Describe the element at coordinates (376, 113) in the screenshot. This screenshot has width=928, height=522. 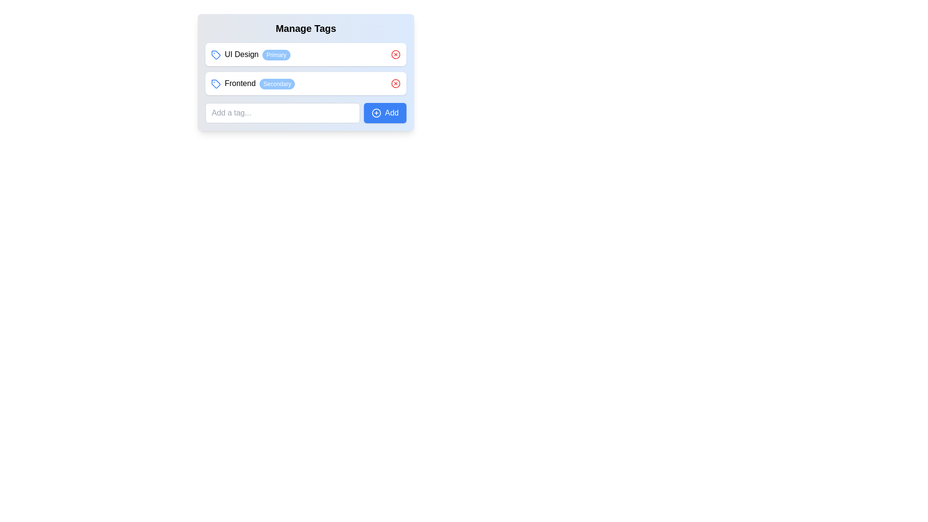
I see `the SVG circle element located in the 'Manage Tags' panel, which serves as an indicator or button for performing addition actions, positioned beside the 'Add' button` at that location.